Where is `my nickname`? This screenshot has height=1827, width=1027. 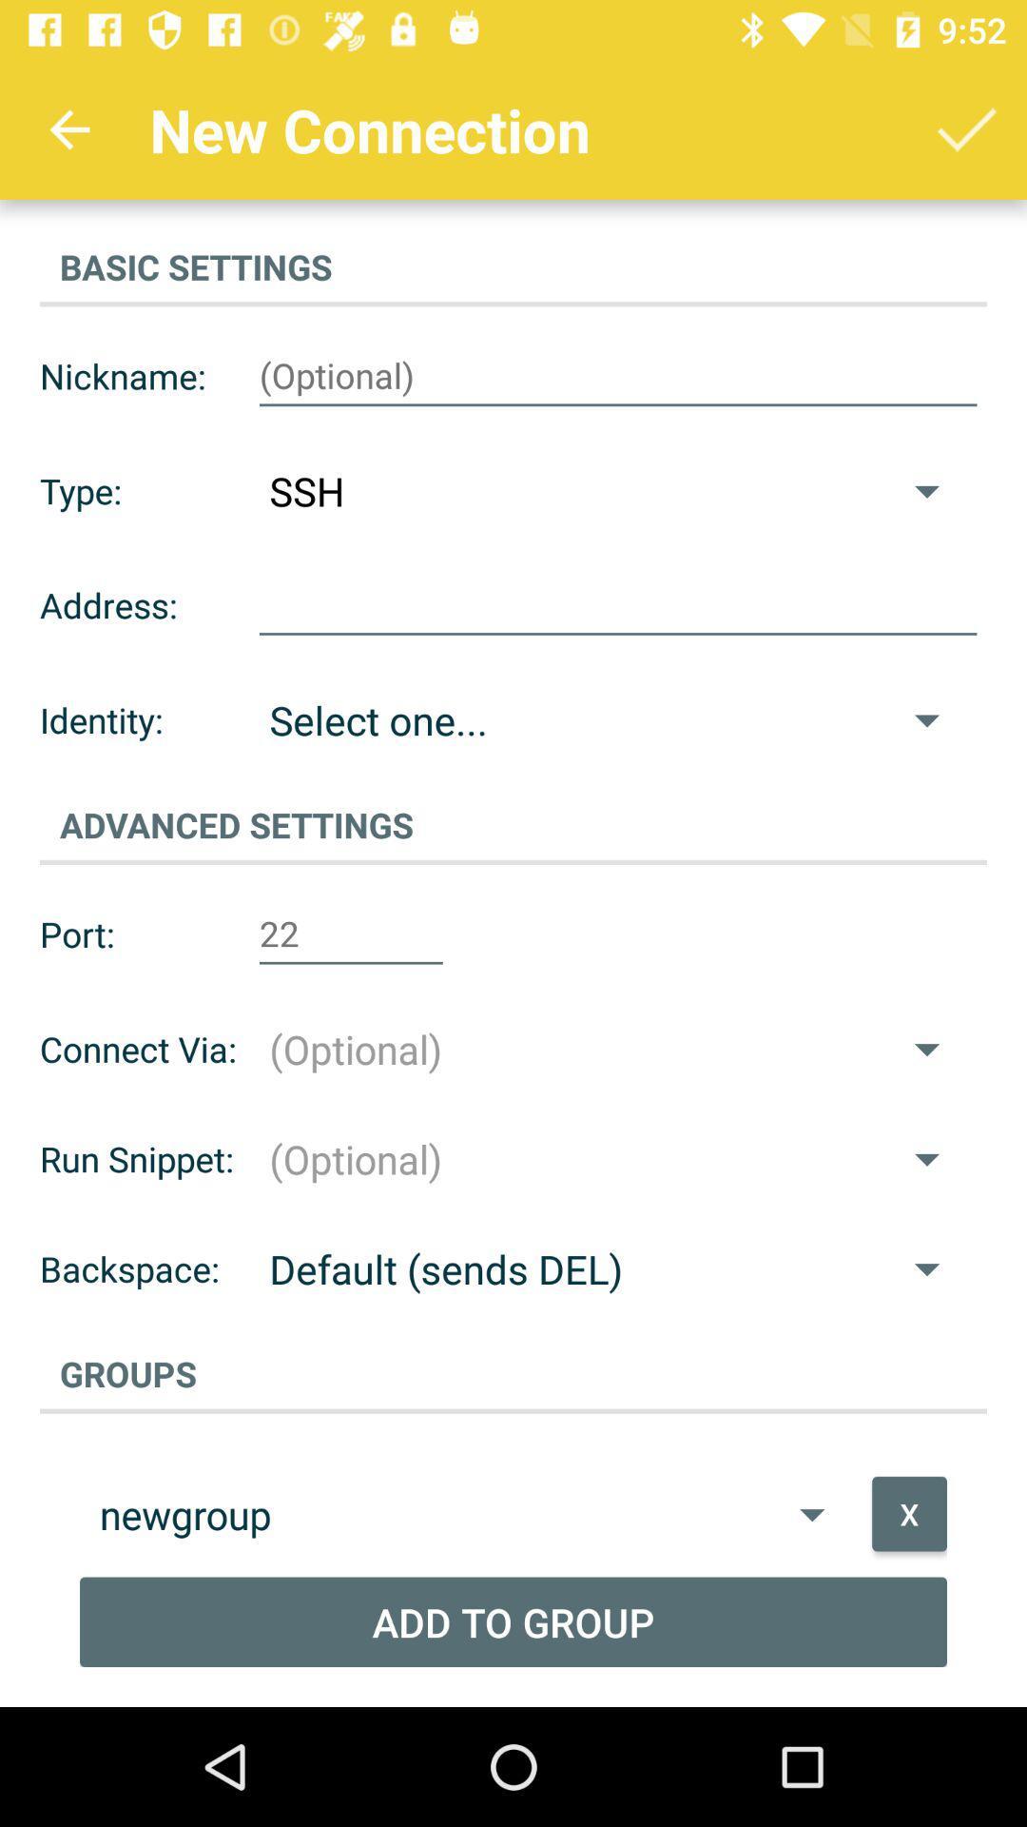
my nickname is located at coordinates (618, 376).